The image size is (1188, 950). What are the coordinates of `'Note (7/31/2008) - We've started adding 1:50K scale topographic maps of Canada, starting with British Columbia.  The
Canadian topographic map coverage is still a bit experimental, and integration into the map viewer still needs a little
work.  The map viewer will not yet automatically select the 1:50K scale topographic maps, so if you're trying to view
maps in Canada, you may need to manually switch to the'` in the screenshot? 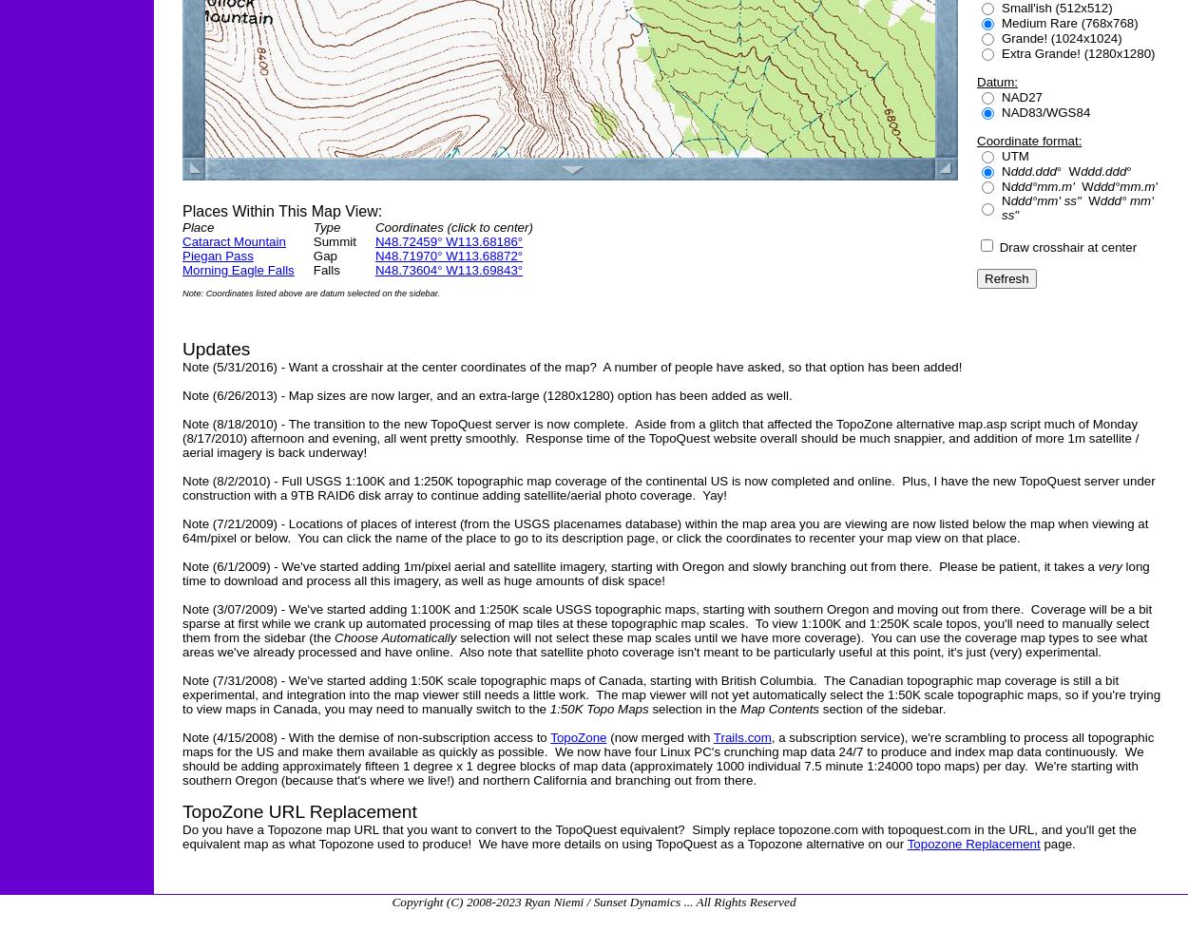 It's located at (670, 693).